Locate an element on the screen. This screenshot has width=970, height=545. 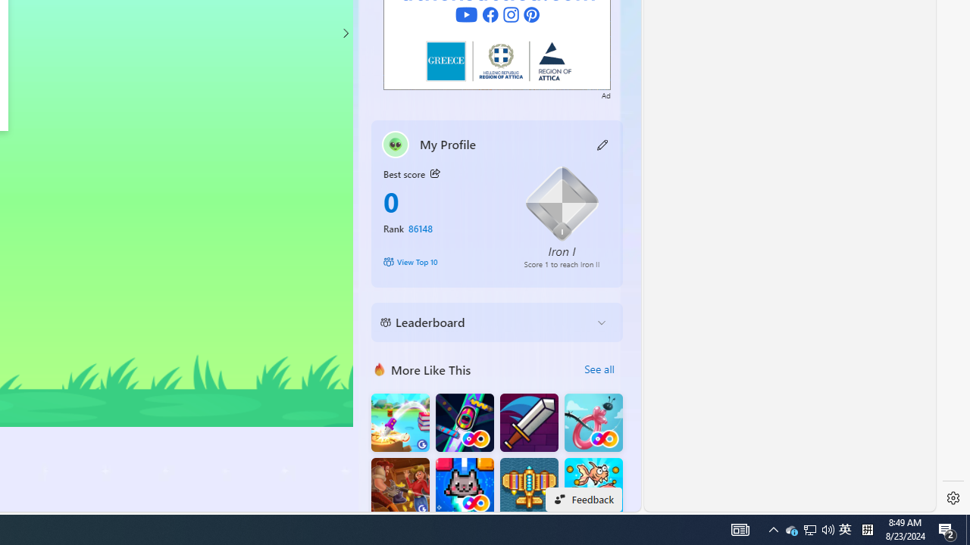
'View Top 10' is located at coordinates (442, 260).